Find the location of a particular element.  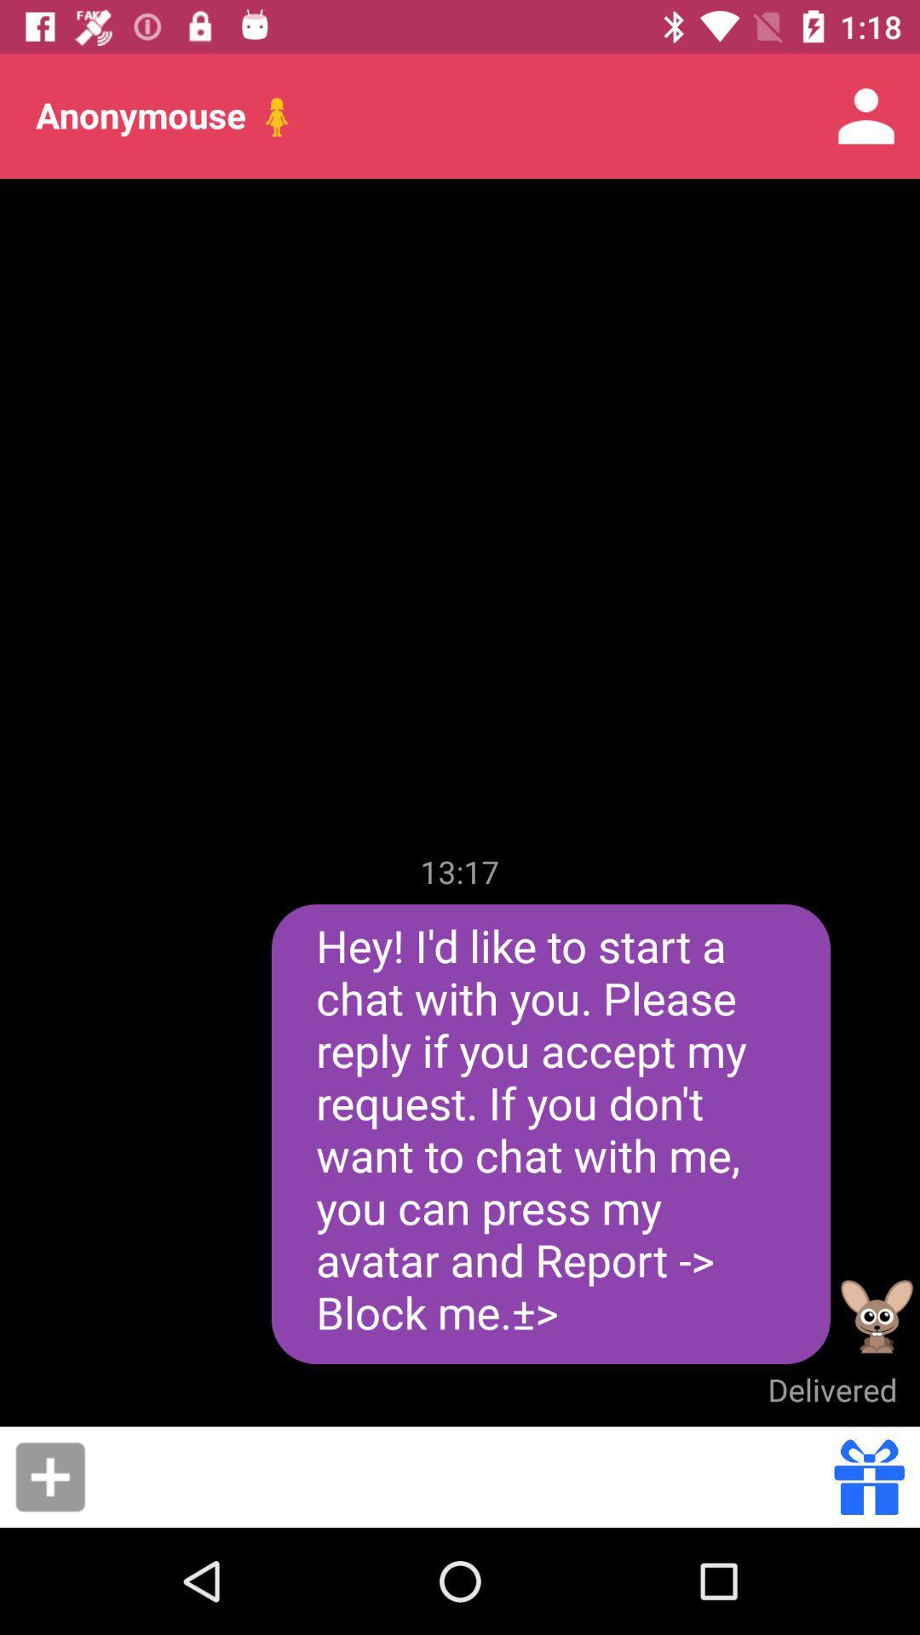

the item below the 13:17 is located at coordinates (550, 1134).